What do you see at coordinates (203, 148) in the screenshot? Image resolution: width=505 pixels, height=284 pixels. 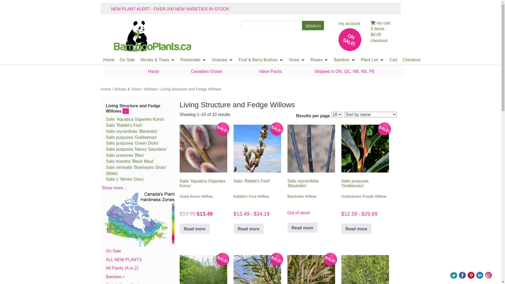 I see `'Closeup of soft pink'` at bounding box center [203, 148].